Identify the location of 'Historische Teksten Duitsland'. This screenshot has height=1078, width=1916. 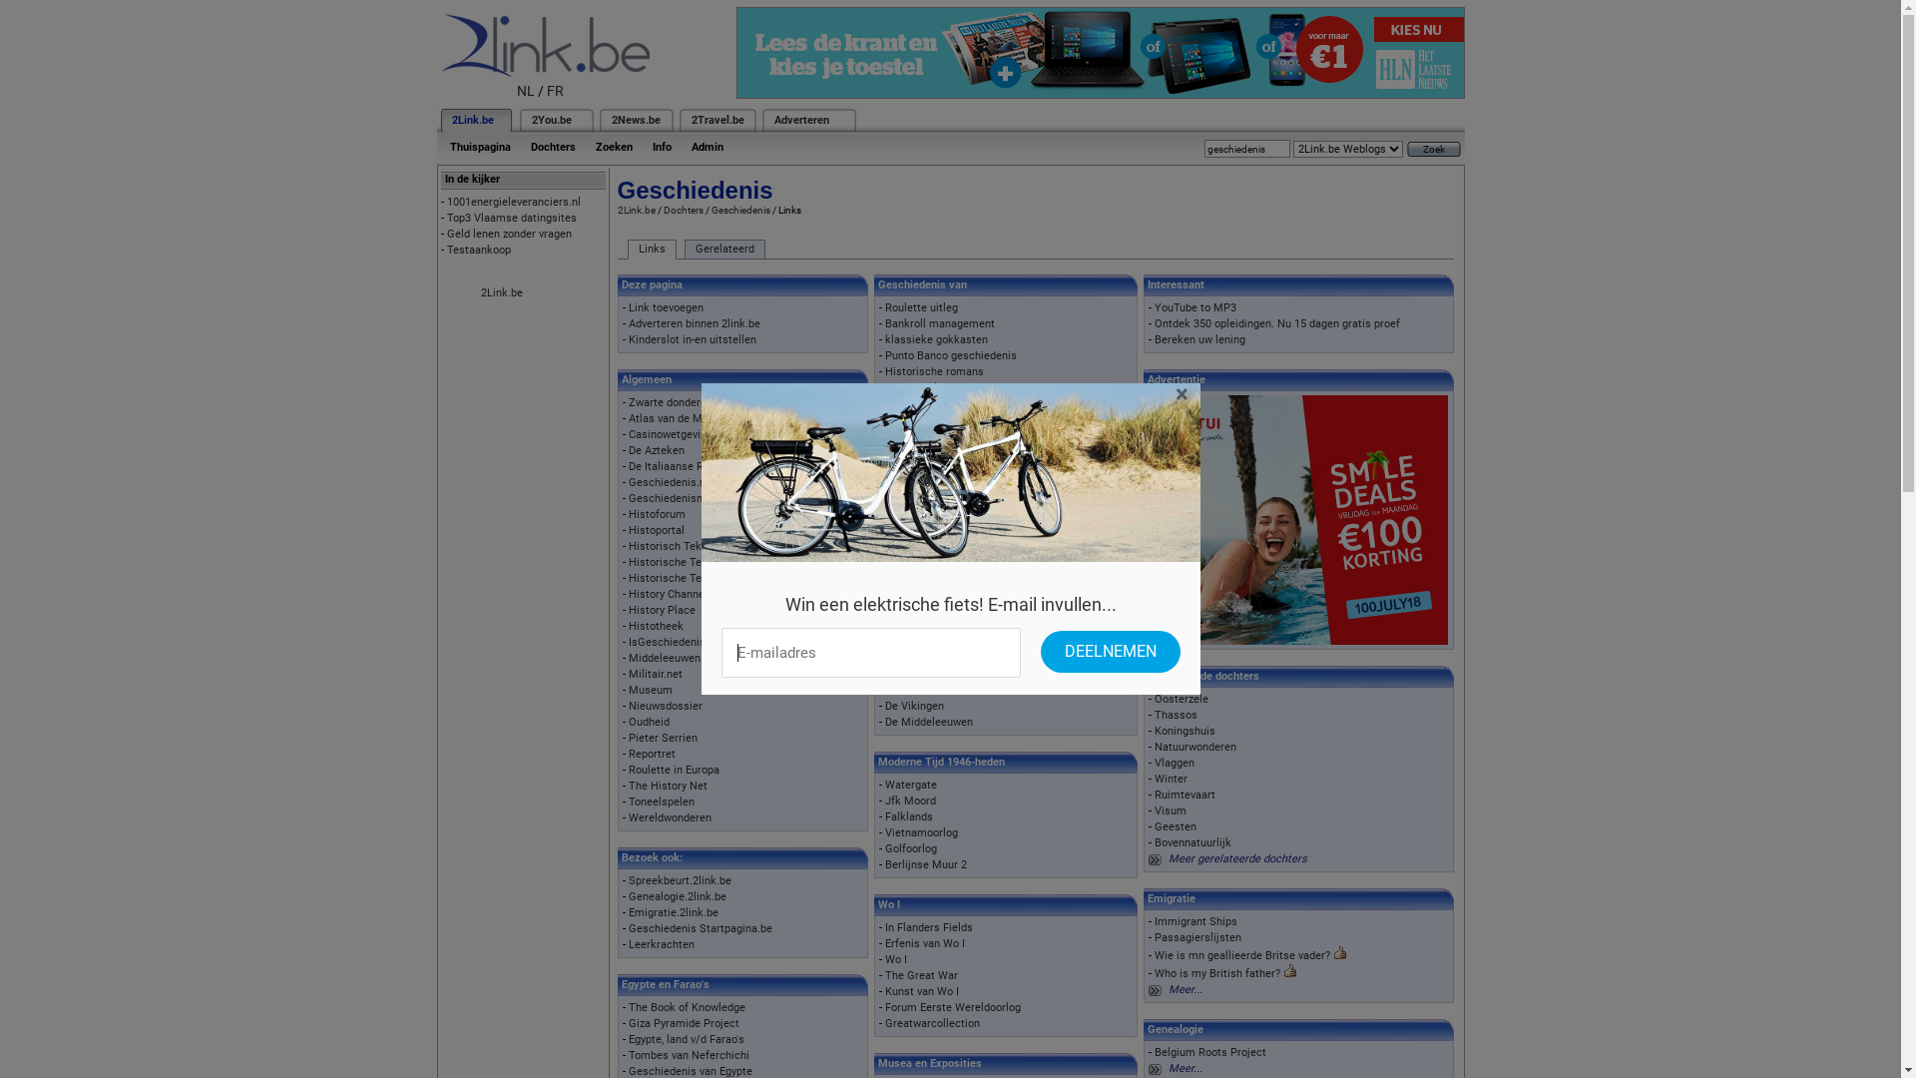
(704, 578).